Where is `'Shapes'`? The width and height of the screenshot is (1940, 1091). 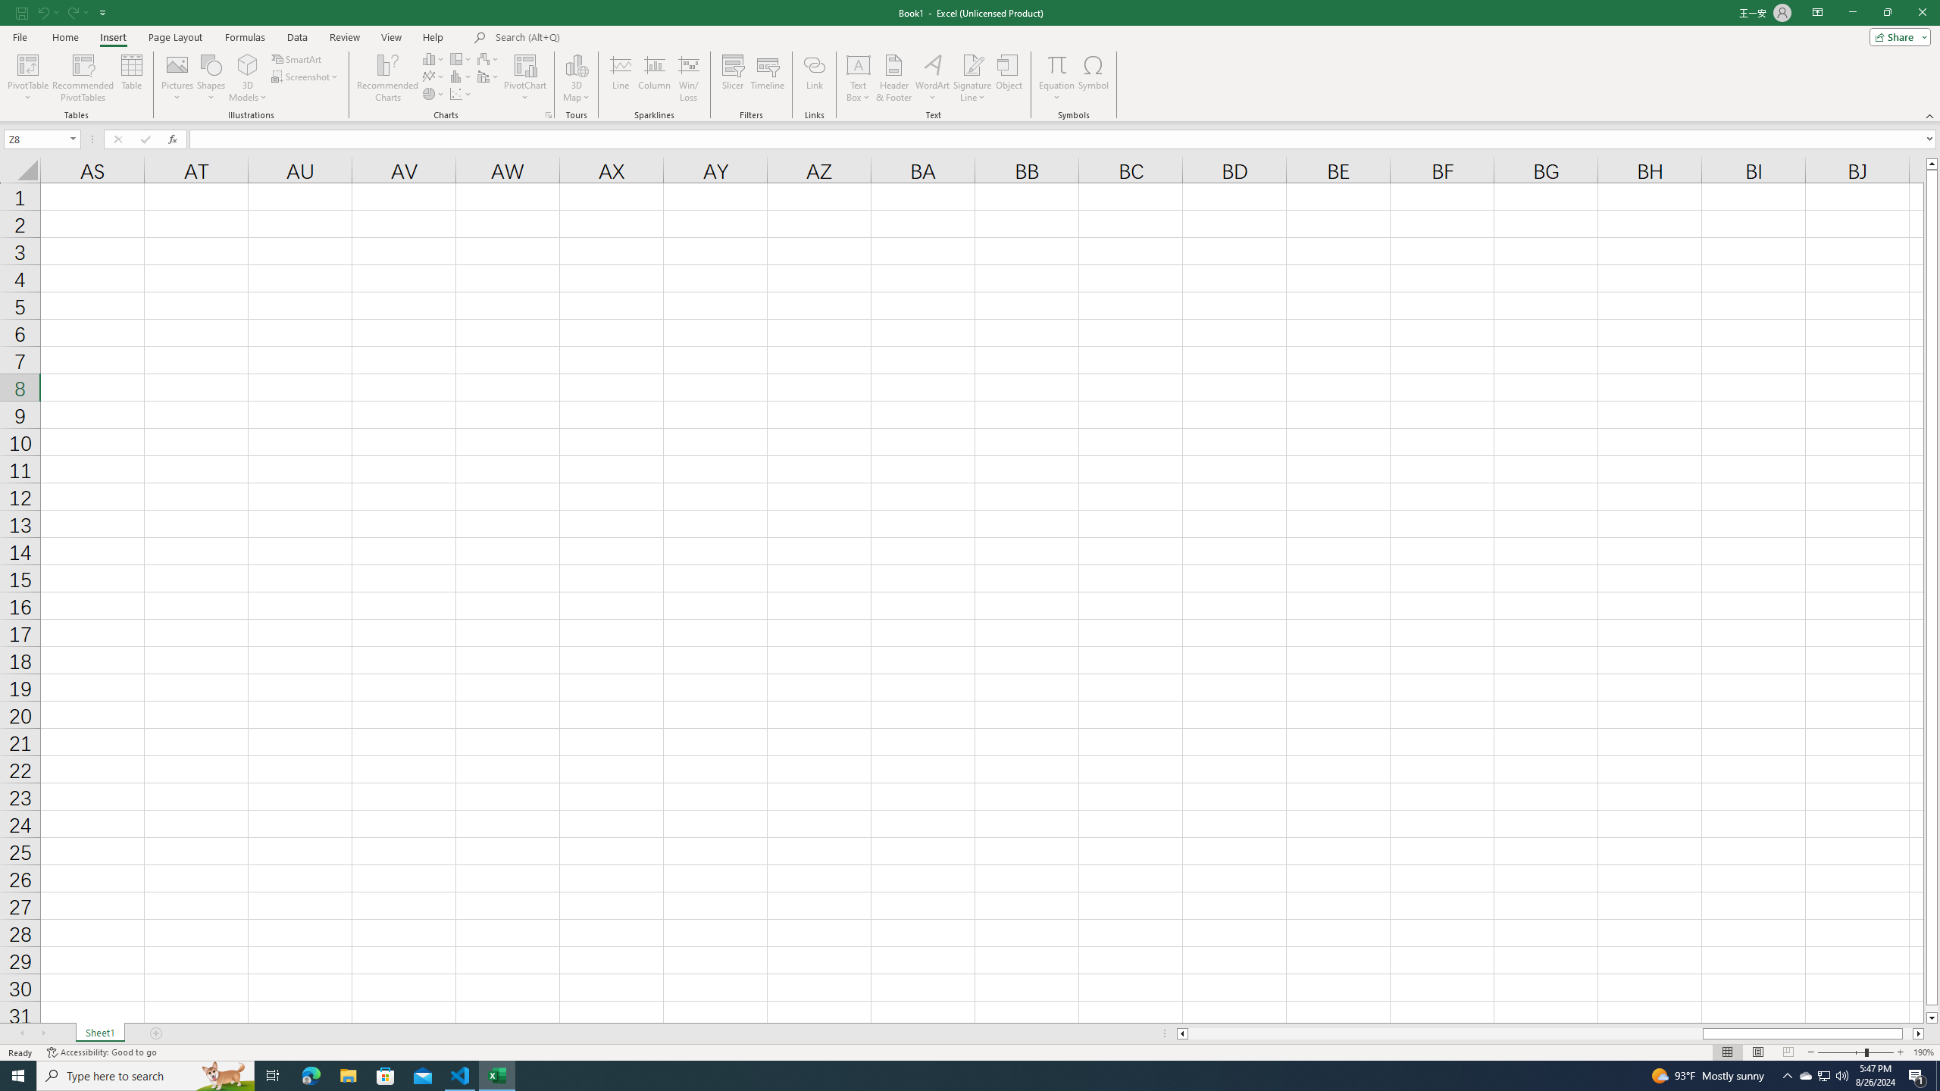
'Shapes' is located at coordinates (211, 78).